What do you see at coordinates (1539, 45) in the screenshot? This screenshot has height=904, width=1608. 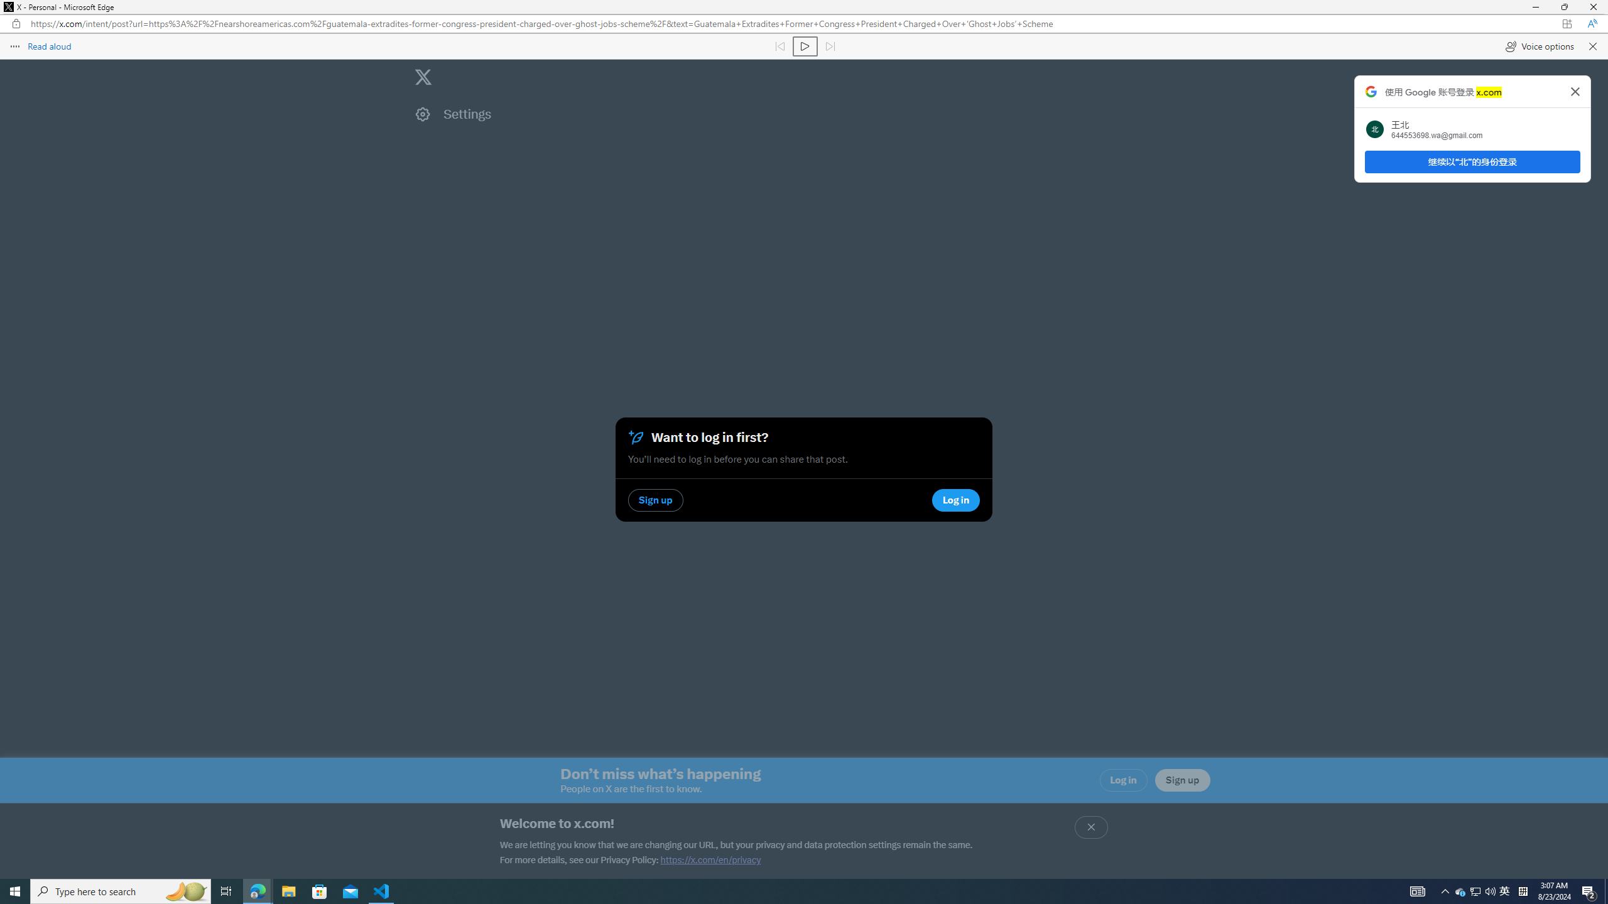 I see `'Voice options'` at bounding box center [1539, 45].